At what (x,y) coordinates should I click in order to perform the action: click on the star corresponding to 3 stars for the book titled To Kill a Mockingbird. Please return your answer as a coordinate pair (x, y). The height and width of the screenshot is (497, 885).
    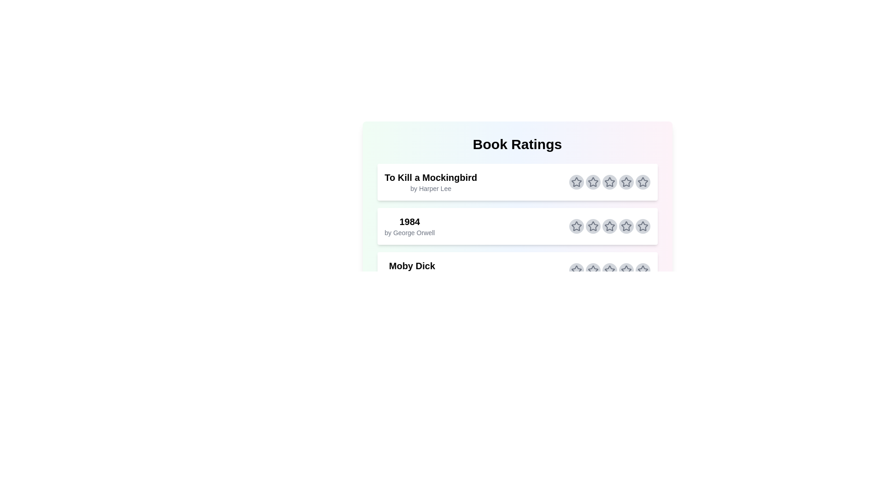
    Looking at the image, I should click on (609, 182).